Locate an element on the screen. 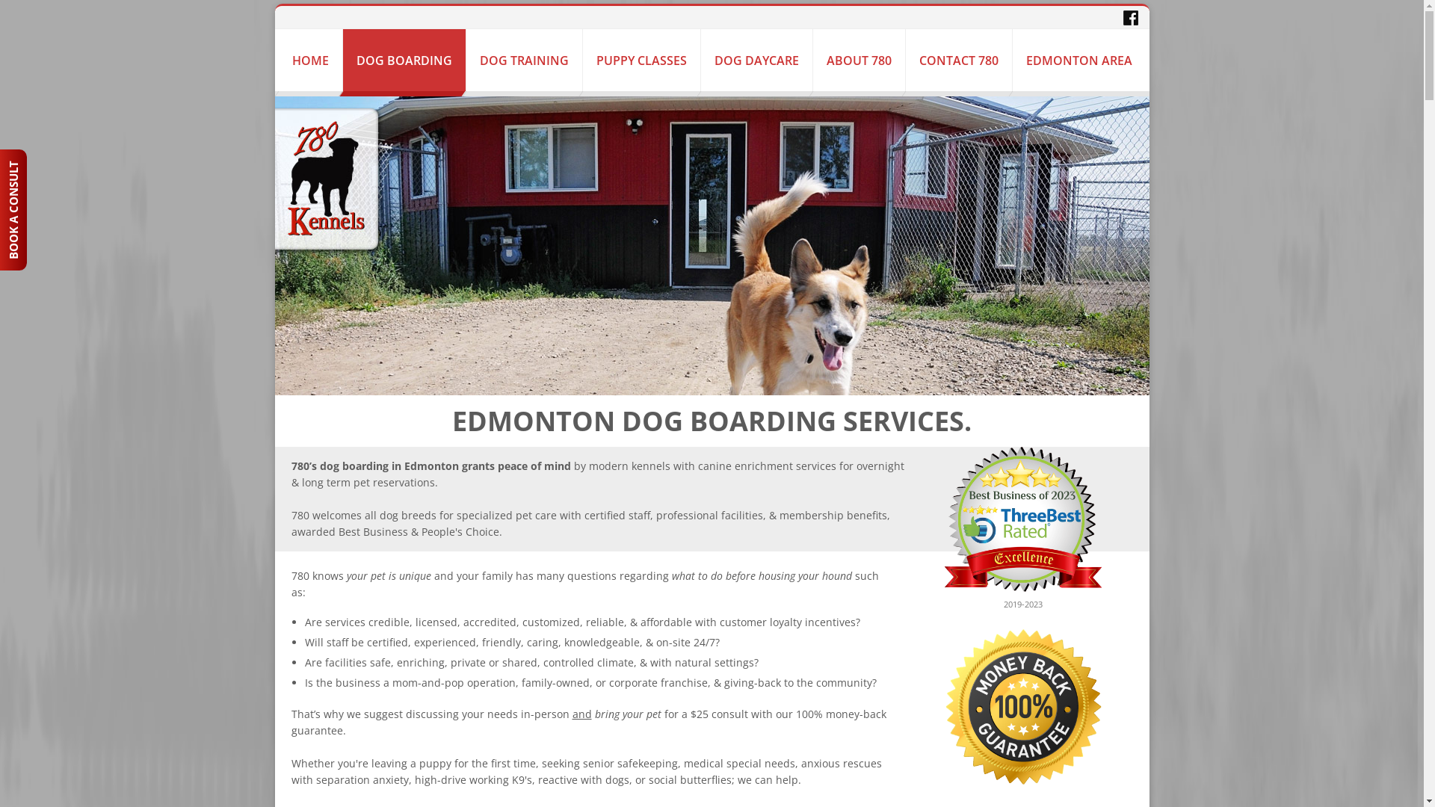  '100% money-back guarantee badge.' is located at coordinates (1022, 706).